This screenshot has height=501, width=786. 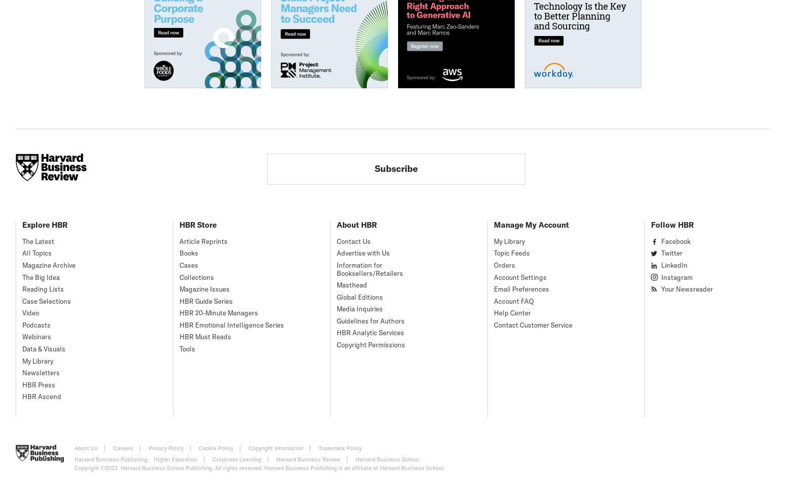 What do you see at coordinates (370, 332) in the screenshot?
I see `'HBR Analytic Services'` at bounding box center [370, 332].